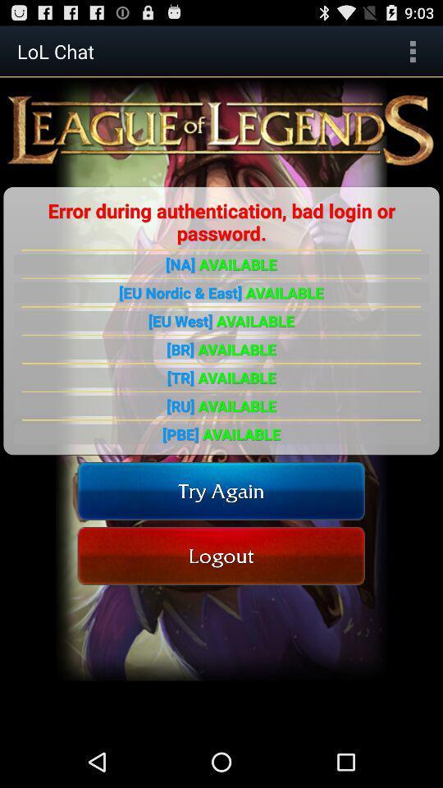  Describe the element at coordinates (221, 491) in the screenshot. I see `try again icon` at that location.